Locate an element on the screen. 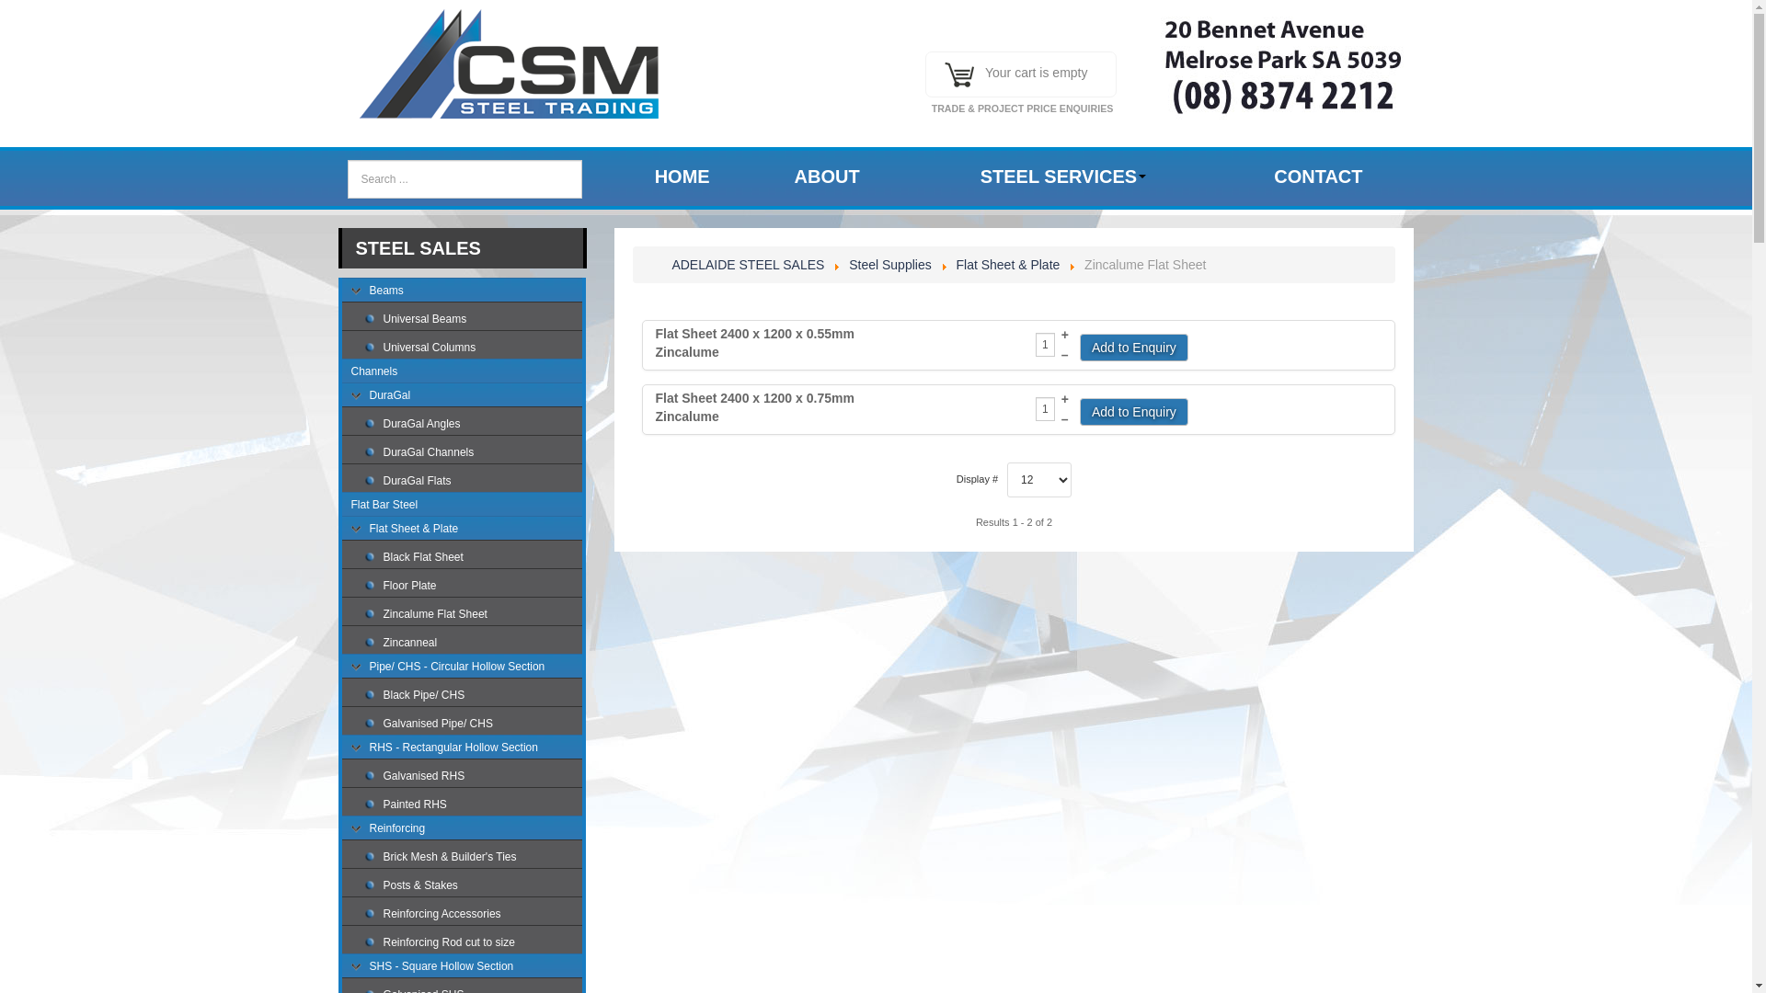 The width and height of the screenshot is (1766, 993). 'Beams' is located at coordinates (463, 291).